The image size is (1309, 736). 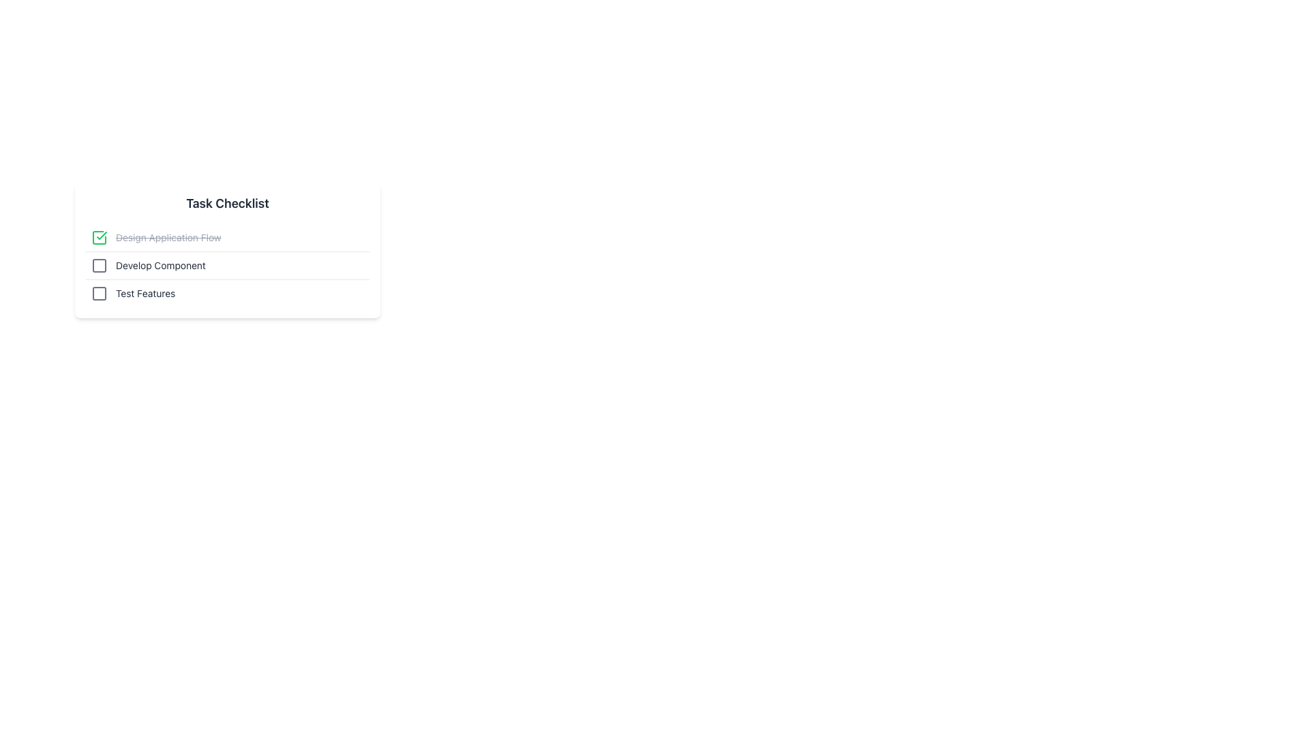 I want to click on the checkbox-like UI element for the 'Develop Component' task in the interactive checklist, so click(x=98, y=265).